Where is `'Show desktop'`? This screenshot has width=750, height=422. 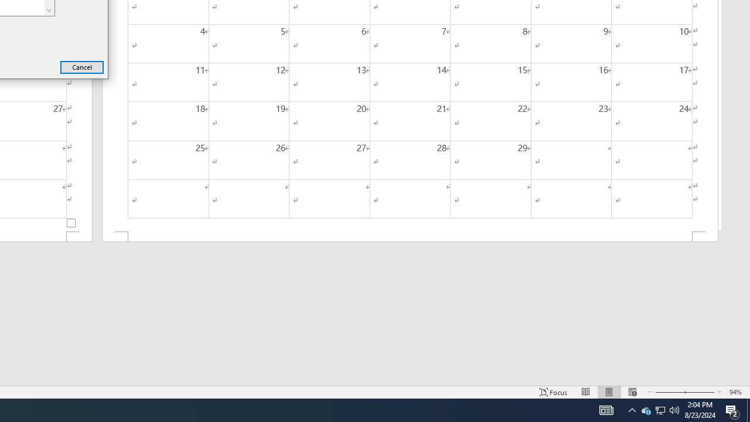
'Show desktop' is located at coordinates (748, 409).